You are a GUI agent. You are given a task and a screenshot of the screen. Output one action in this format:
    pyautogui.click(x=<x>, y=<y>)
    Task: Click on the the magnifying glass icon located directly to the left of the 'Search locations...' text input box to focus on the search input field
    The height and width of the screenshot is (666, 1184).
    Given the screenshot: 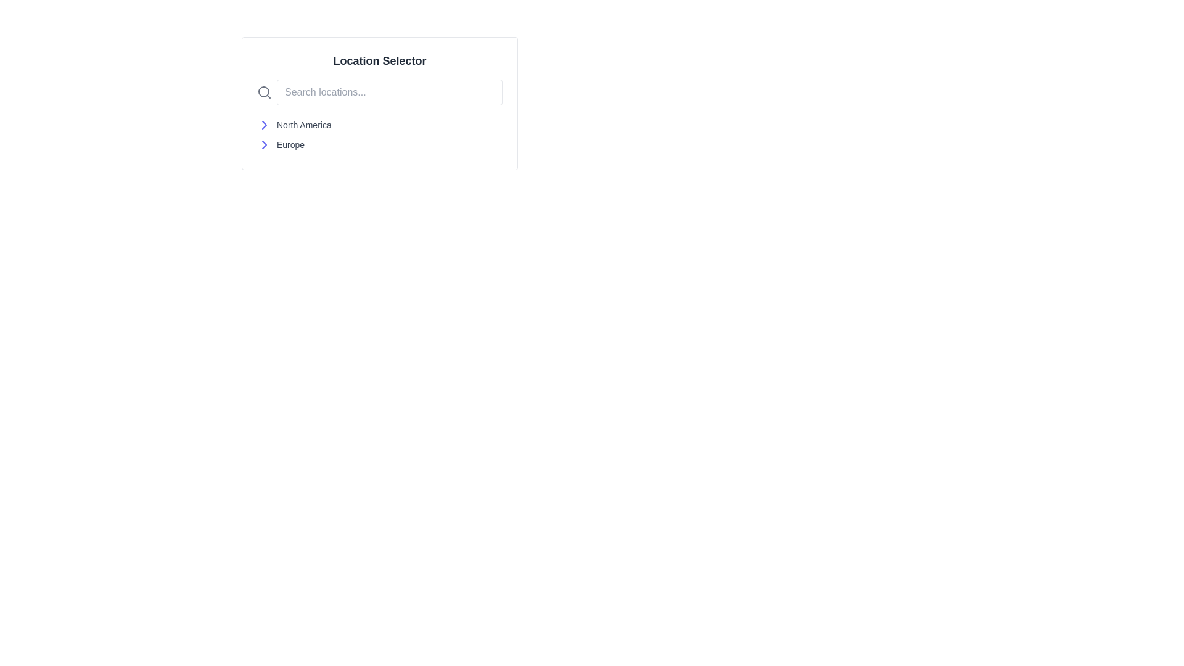 What is the action you would take?
    pyautogui.click(x=263, y=92)
    